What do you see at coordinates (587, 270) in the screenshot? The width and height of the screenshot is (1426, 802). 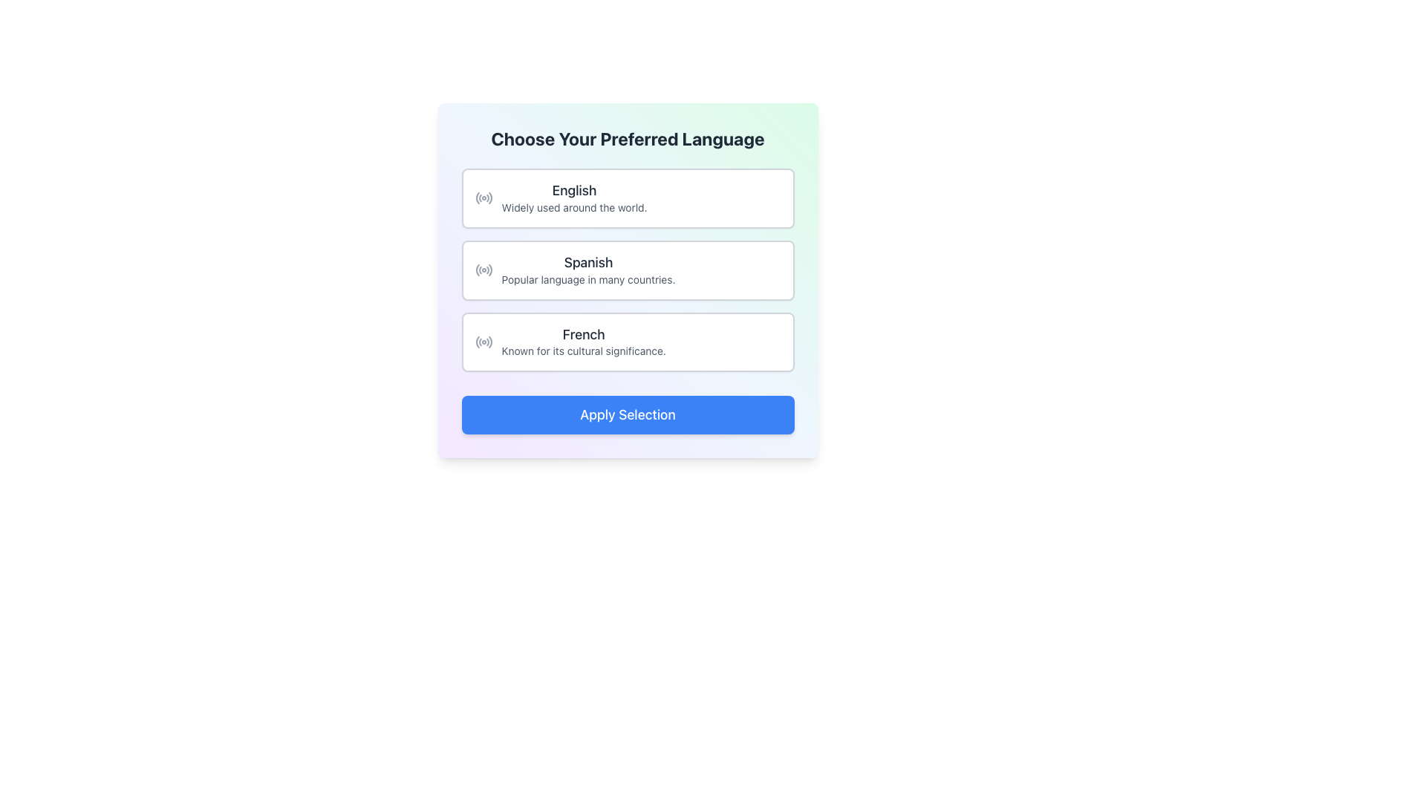 I see `the 'Spanish' text element, which is the second option in the vertical list of preferred languages, displaying the text 'Spanish' in bold and 'Popular language in many countries.' beneath it` at bounding box center [587, 270].